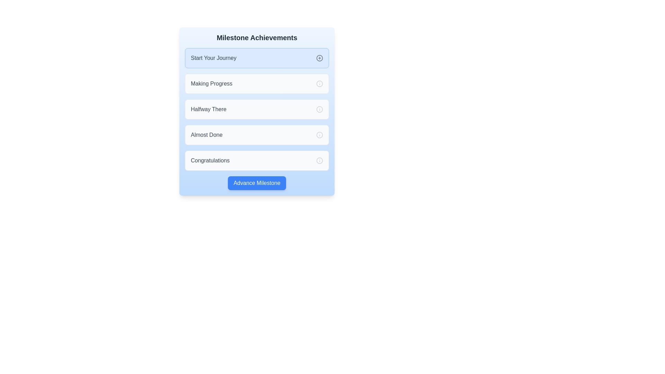 The width and height of the screenshot is (665, 374). What do you see at coordinates (319, 58) in the screenshot?
I see `the circular gray plus icon` at bounding box center [319, 58].